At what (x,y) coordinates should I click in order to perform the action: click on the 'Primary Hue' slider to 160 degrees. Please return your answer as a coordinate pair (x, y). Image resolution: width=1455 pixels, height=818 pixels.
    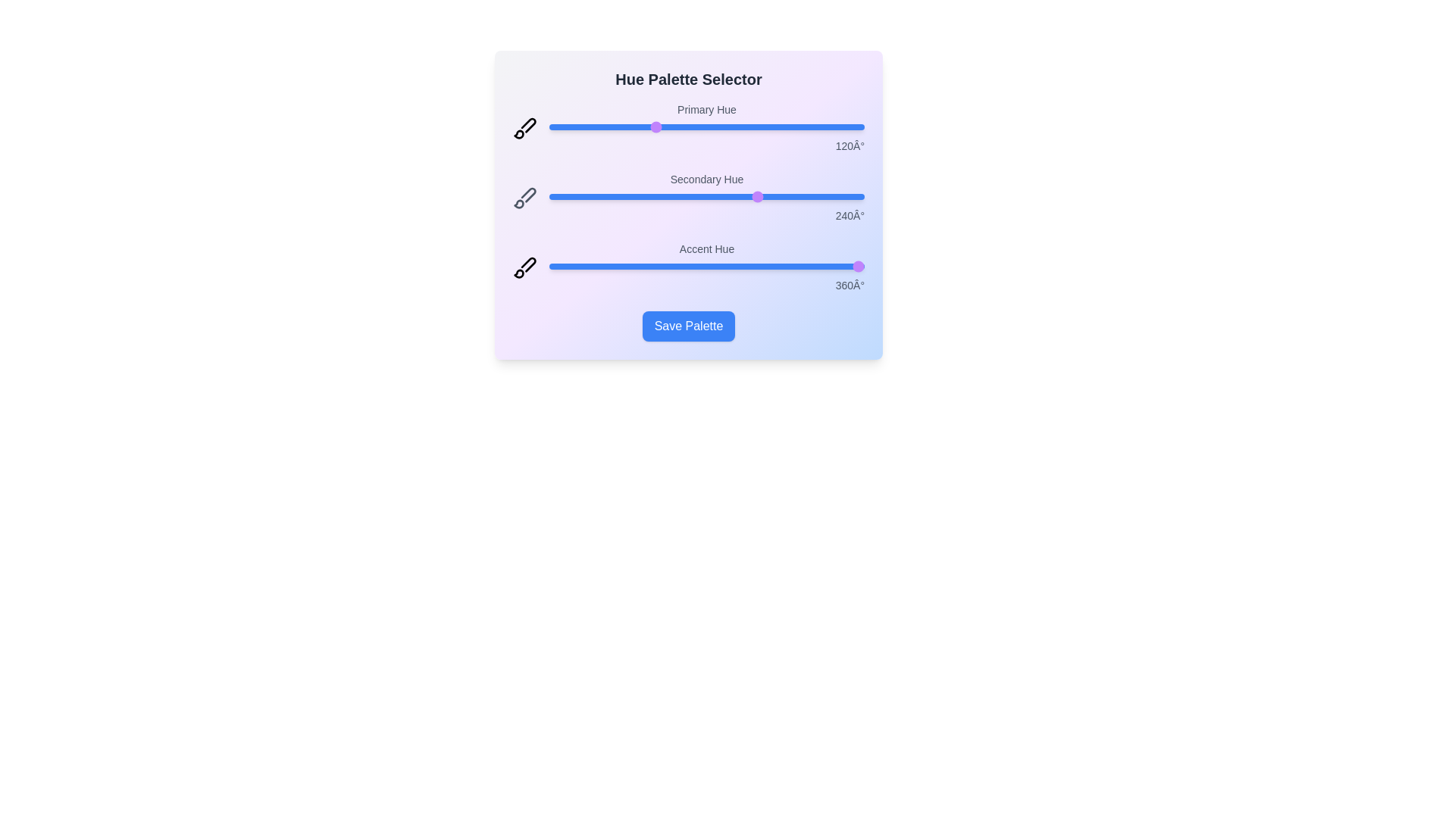
    Looking at the image, I should click on (688, 126).